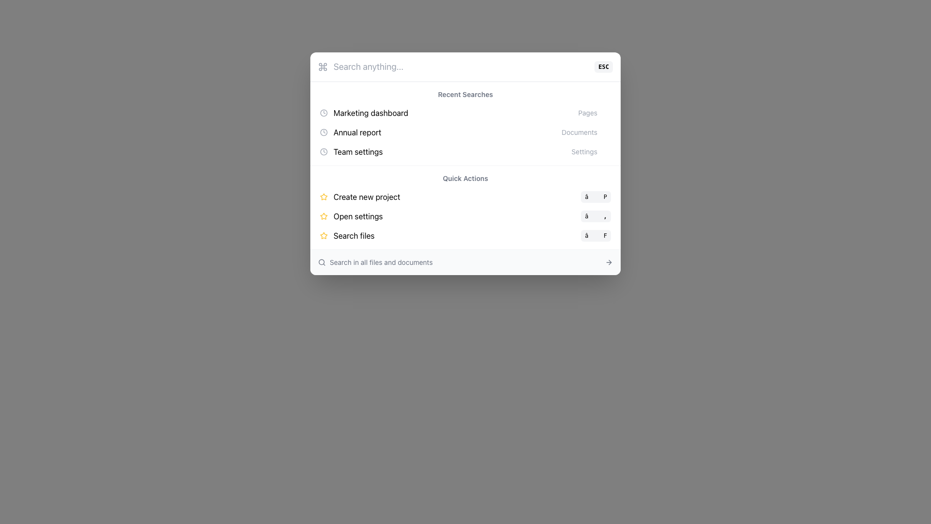 The width and height of the screenshot is (931, 524). What do you see at coordinates (584, 151) in the screenshot?
I see `the 'Settings' text label, which is styled with smaller gray text, located to the left of an interactive icon and aligned horizontally with 'Team settings'` at bounding box center [584, 151].